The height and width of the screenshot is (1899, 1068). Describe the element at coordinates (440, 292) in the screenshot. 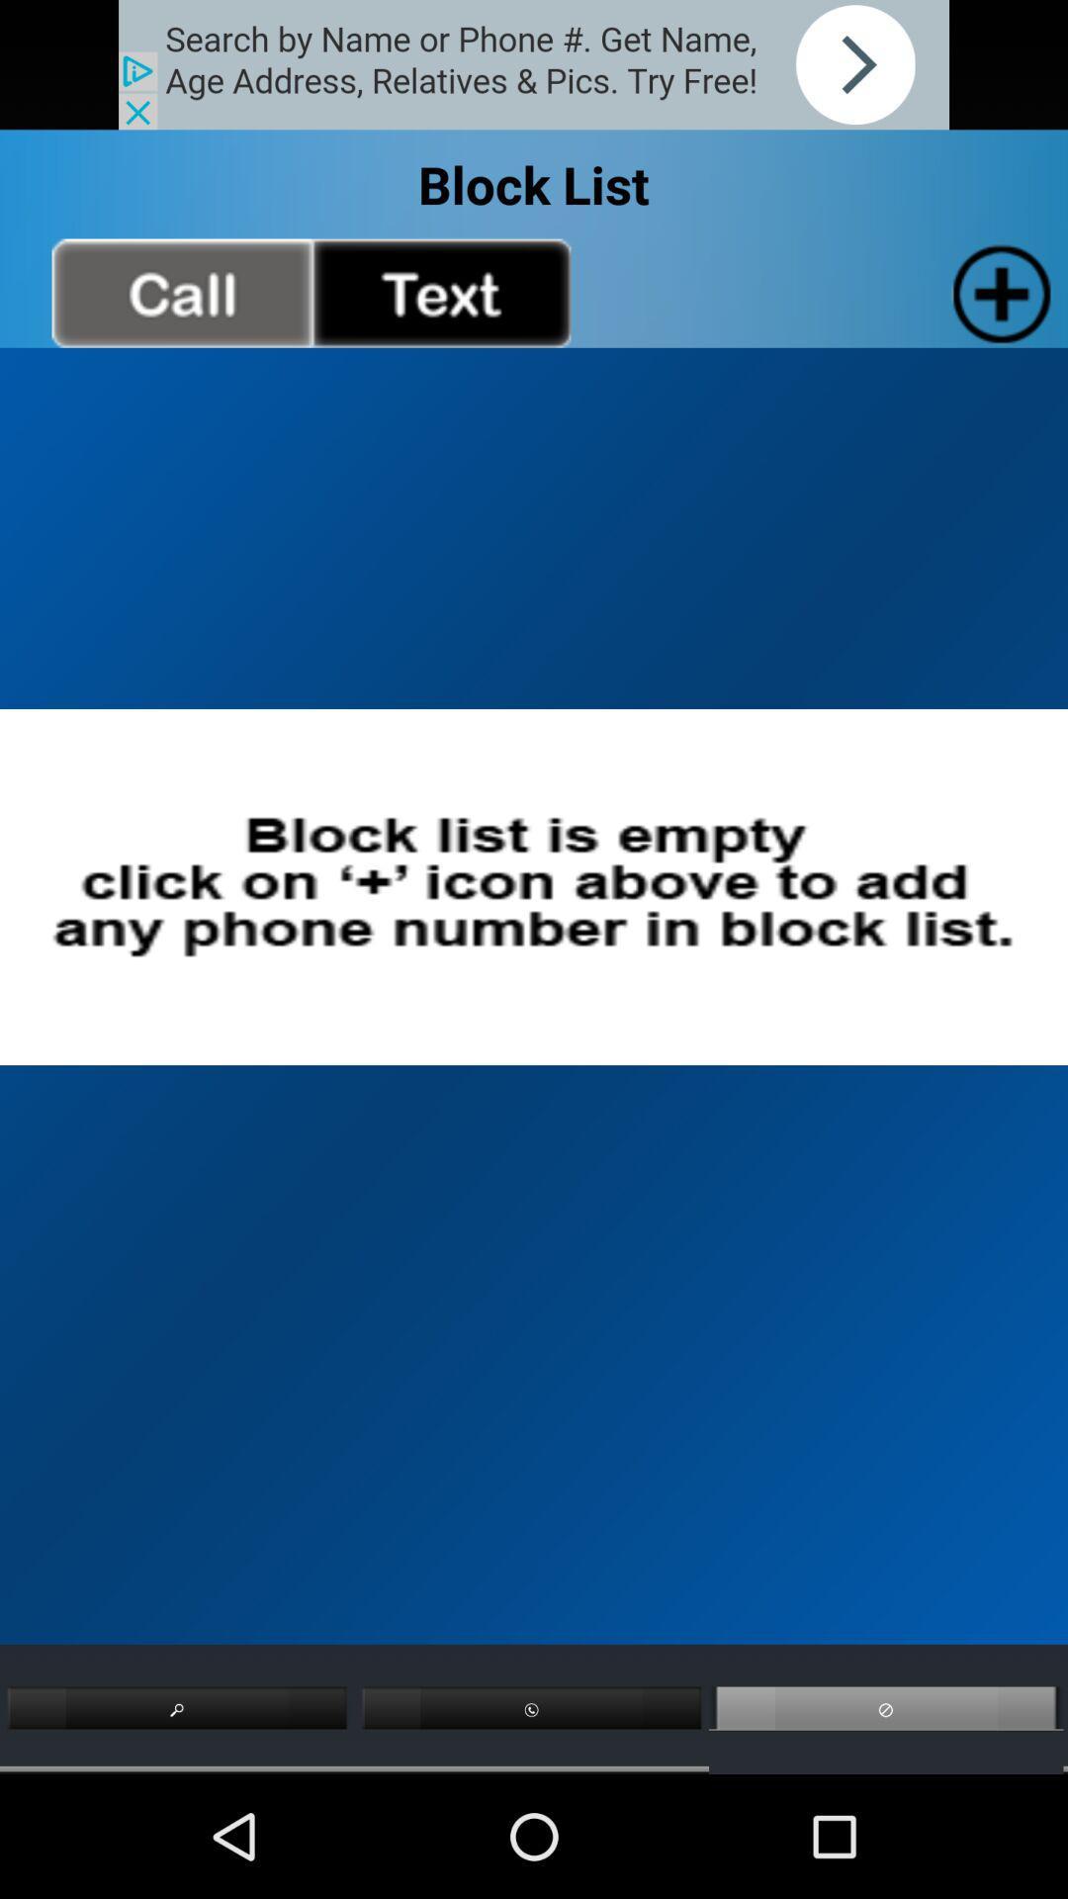

I see `text` at that location.